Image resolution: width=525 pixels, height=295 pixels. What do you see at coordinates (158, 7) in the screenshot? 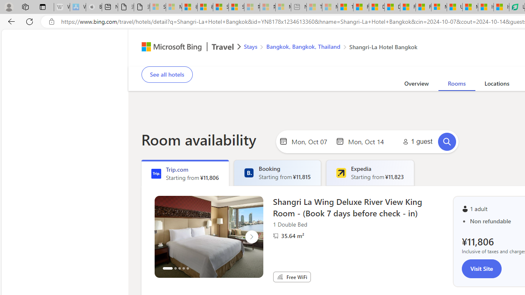
I see `'Sign in to your Microsoft account - Sleeping'` at bounding box center [158, 7].